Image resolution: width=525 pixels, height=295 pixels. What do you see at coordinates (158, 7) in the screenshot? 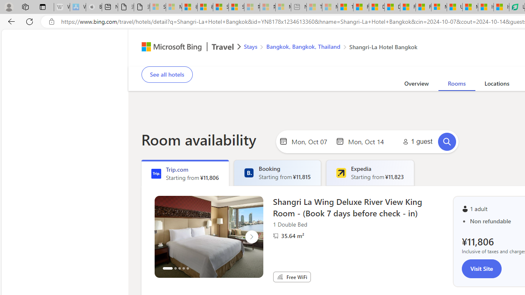
I see `'Sign in to your Microsoft account - Sleeping'` at bounding box center [158, 7].